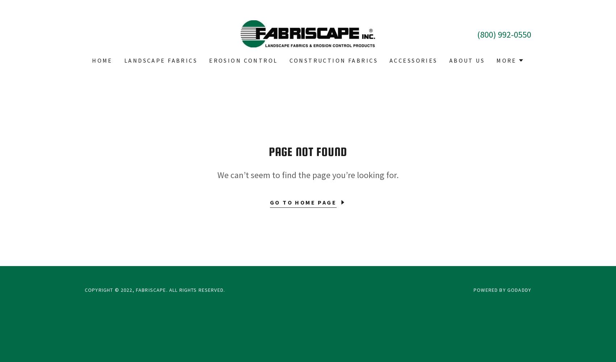 This screenshot has width=616, height=362. What do you see at coordinates (269, 202) in the screenshot?
I see `'Go To Home Page'` at bounding box center [269, 202].